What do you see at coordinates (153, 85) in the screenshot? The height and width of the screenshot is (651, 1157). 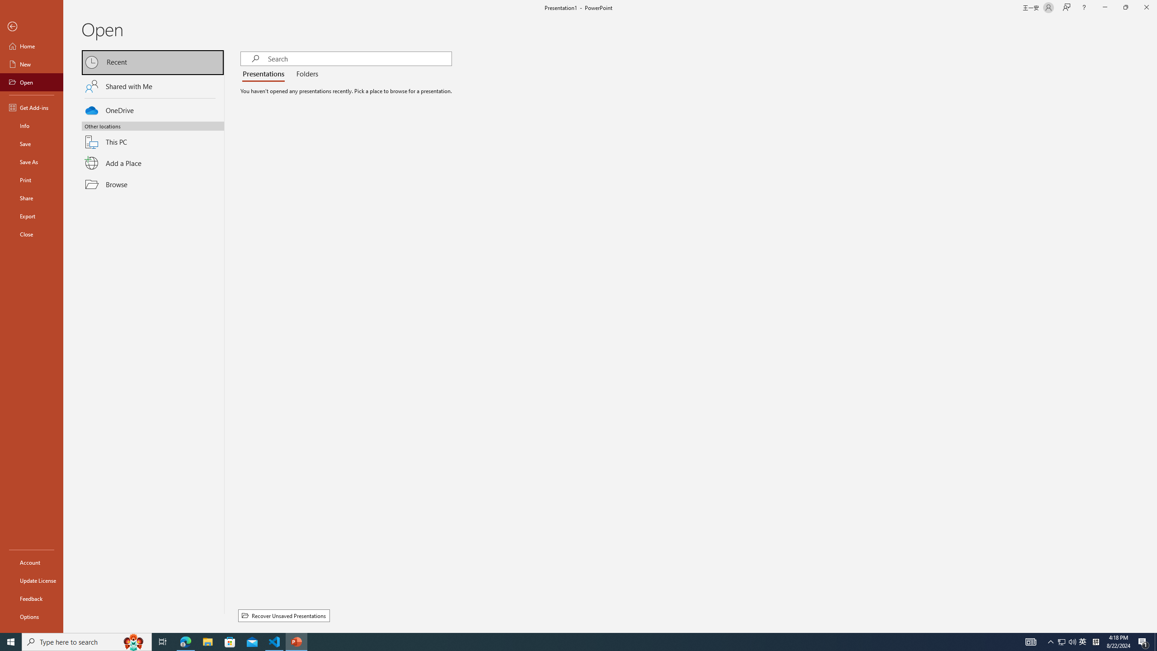 I see `'Shared with Me'` at bounding box center [153, 85].